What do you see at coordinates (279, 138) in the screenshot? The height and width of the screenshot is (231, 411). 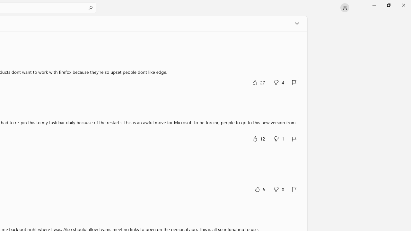 I see `'No, this was not helpful. 1 votes.'` at bounding box center [279, 138].